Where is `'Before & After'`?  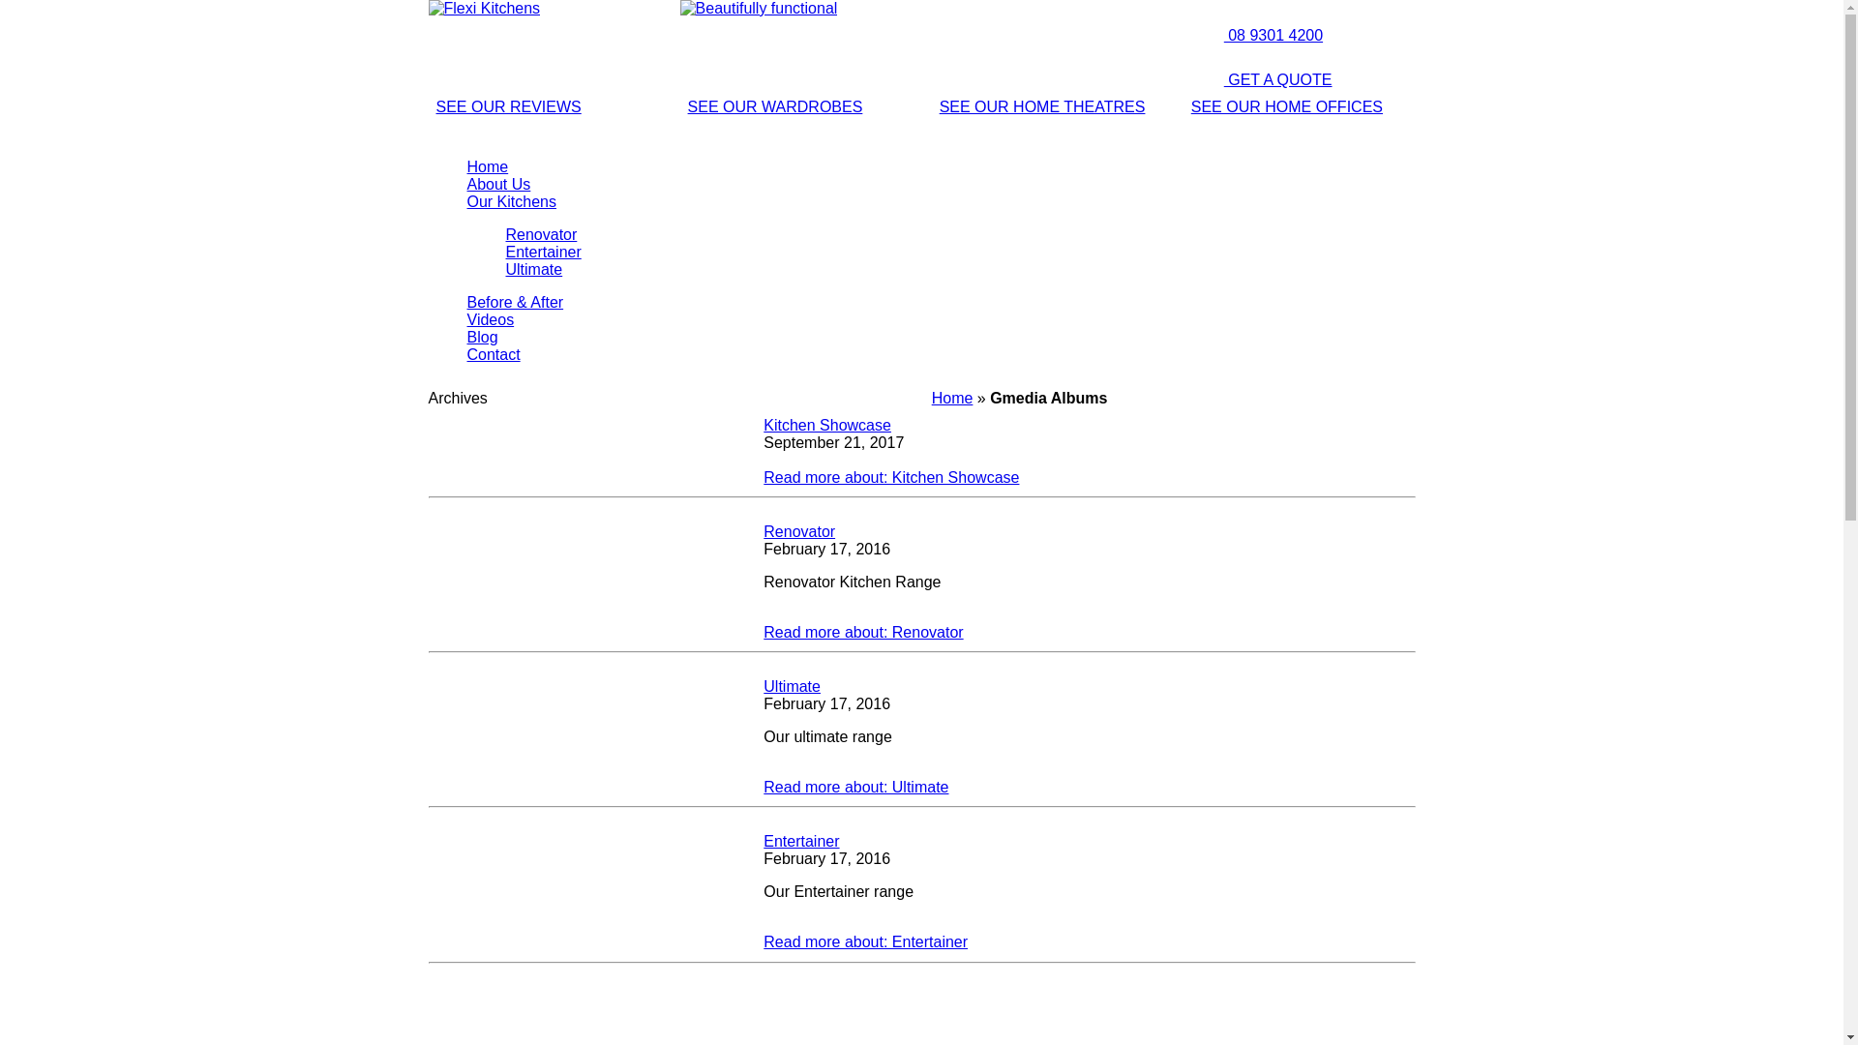 'Before & After' is located at coordinates (465, 302).